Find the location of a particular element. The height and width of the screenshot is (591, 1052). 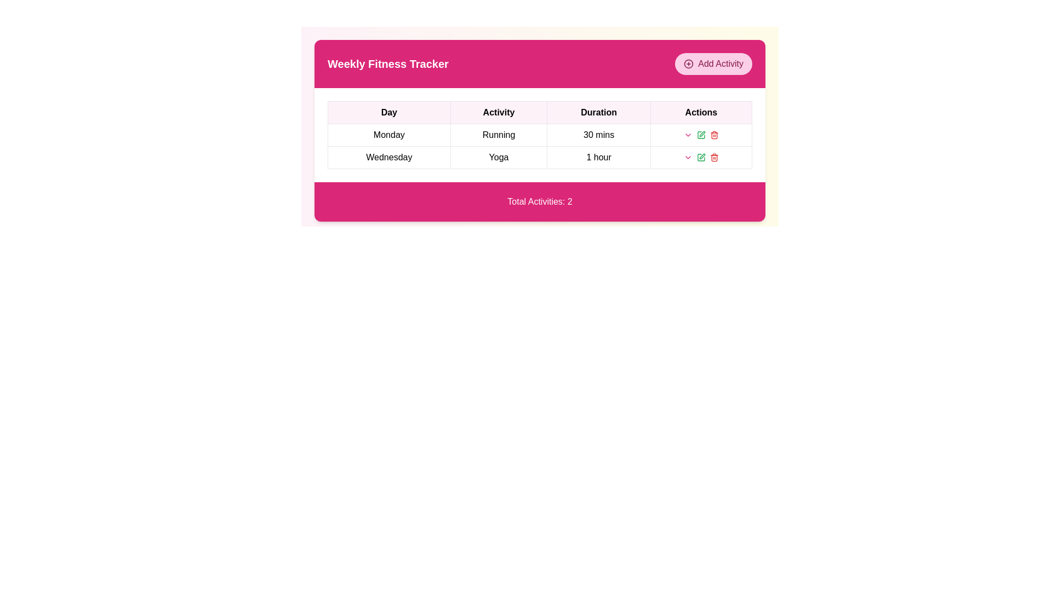

the action control icons for the 'Wednesday Yoga' activity, located in the 'Actions' column of the second row of the table, to trigger visual effects is located at coordinates (700, 158).